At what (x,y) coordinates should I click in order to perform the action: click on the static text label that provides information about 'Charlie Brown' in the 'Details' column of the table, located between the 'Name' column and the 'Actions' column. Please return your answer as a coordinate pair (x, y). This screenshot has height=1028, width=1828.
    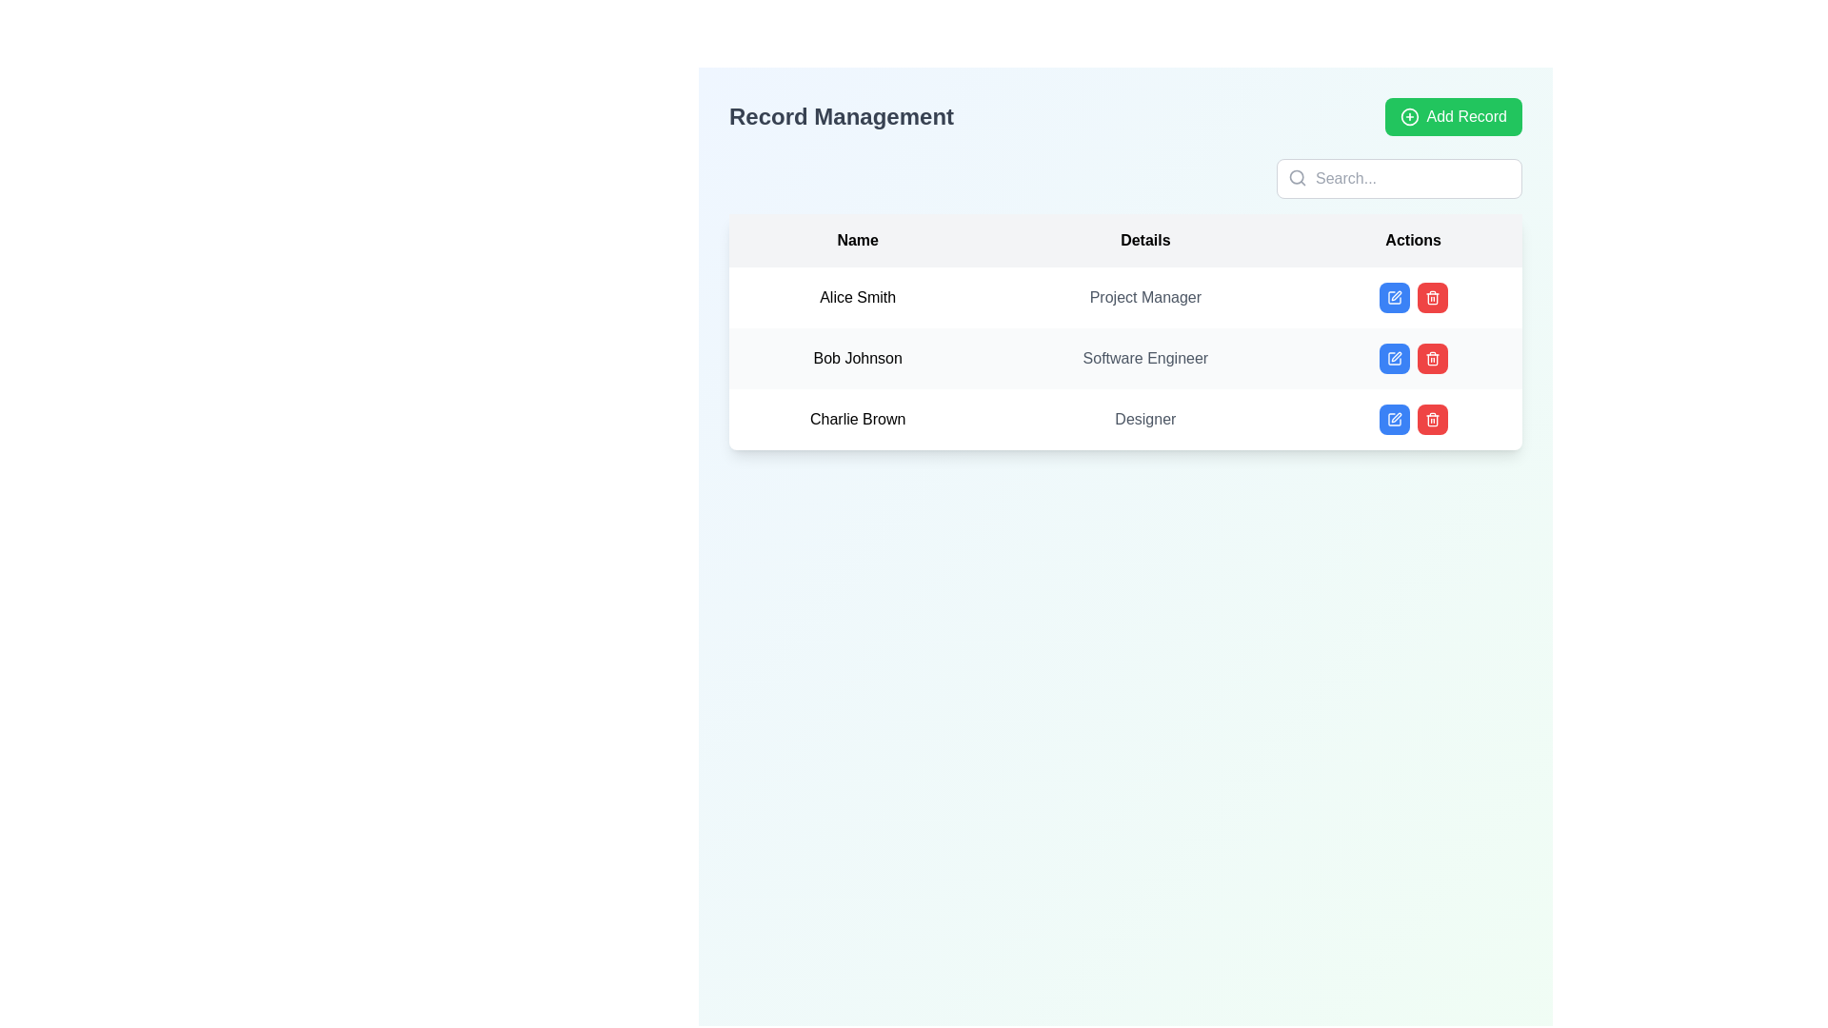
    Looking at the image, I should click on (1144, 418).